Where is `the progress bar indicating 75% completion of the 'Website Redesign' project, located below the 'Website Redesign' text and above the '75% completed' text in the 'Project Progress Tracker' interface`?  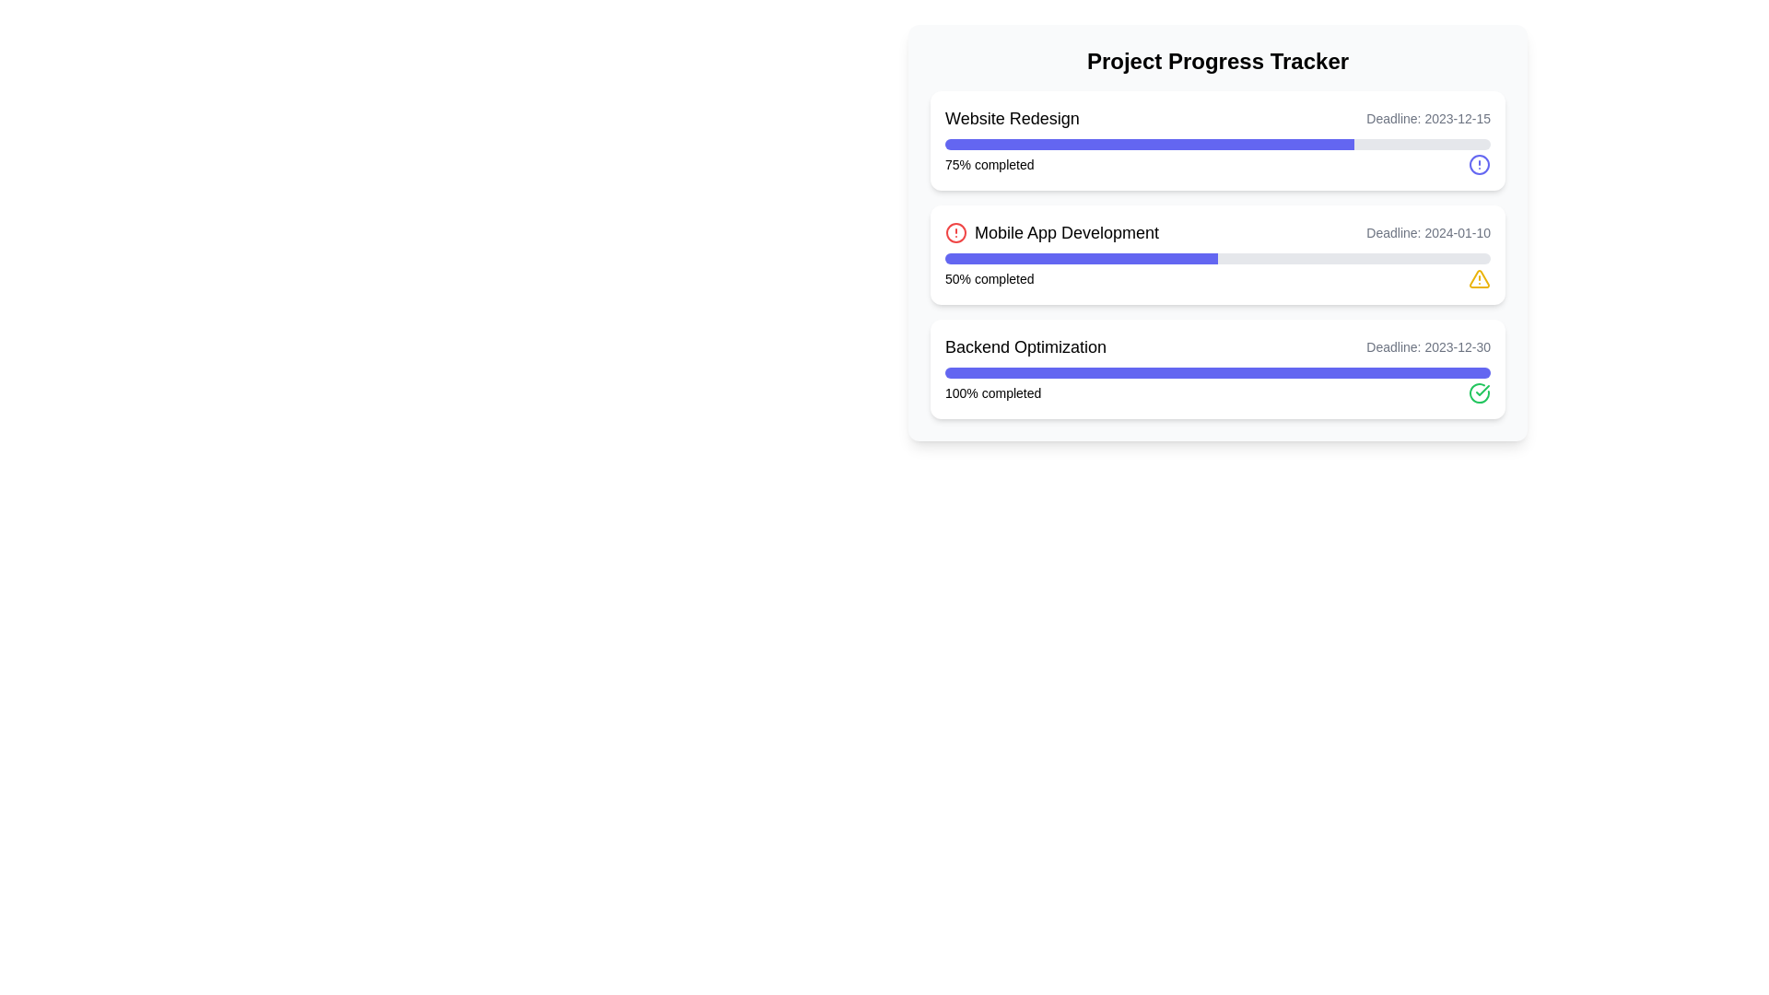 the progress bar indicating 75% completion of the 'Website Redesign' project, located below the 'Website Redesign' text and above the '75% completed' text in the 'Project Progress Tracker' interface is located at coordinates (1217, 144).